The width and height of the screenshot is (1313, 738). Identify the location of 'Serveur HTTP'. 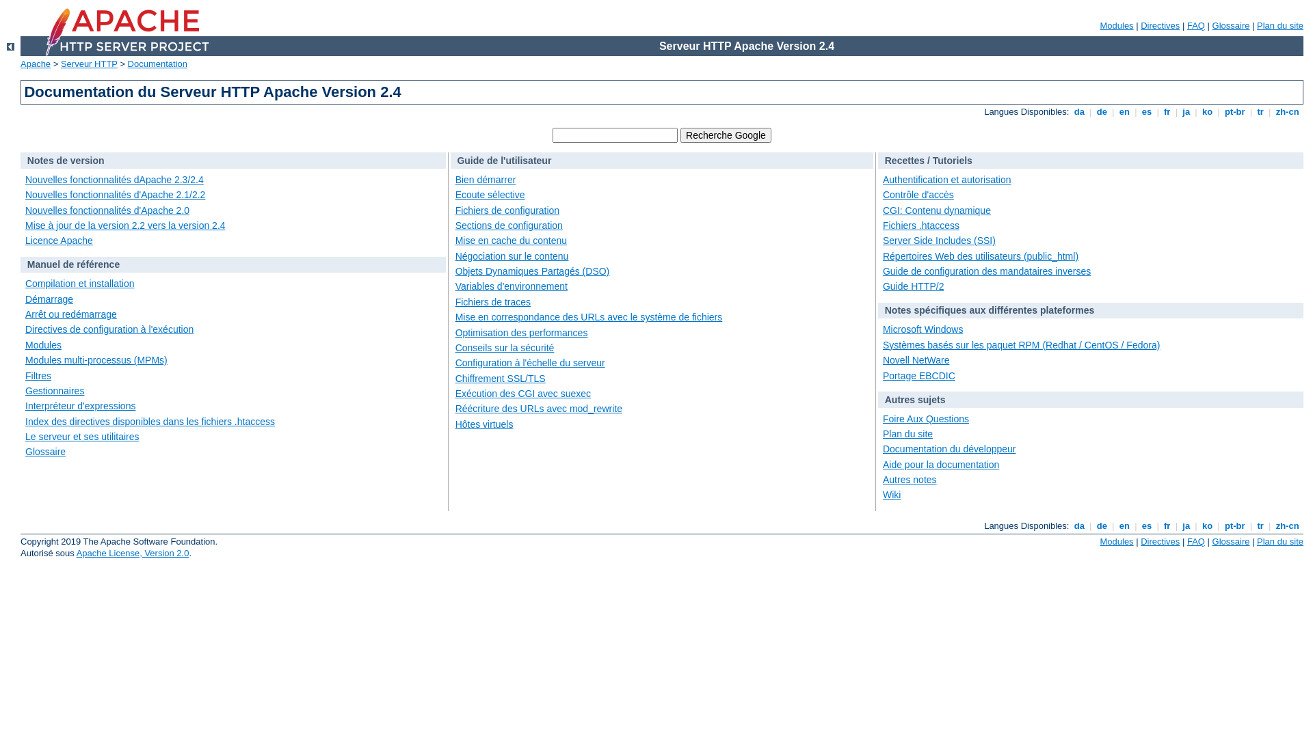
(88, 64).